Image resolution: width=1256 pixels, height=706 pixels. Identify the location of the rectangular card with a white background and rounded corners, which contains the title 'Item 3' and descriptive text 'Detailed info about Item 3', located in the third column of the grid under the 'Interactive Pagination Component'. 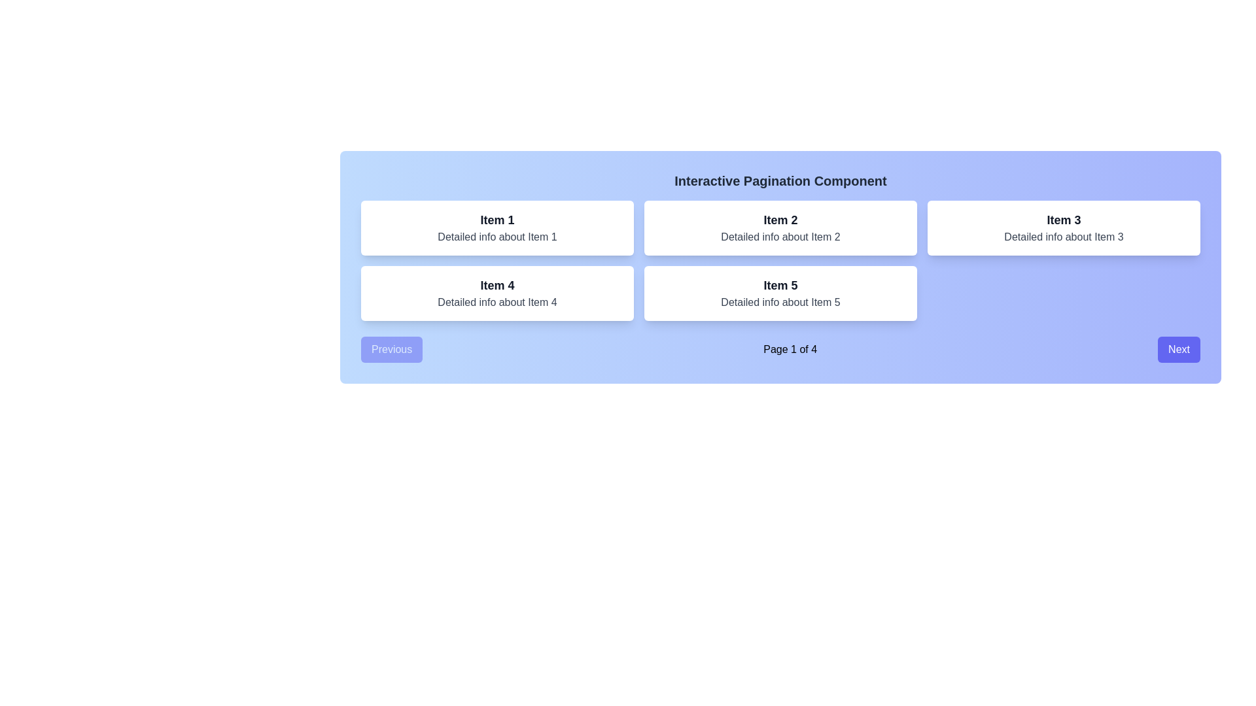
(1064, 227).